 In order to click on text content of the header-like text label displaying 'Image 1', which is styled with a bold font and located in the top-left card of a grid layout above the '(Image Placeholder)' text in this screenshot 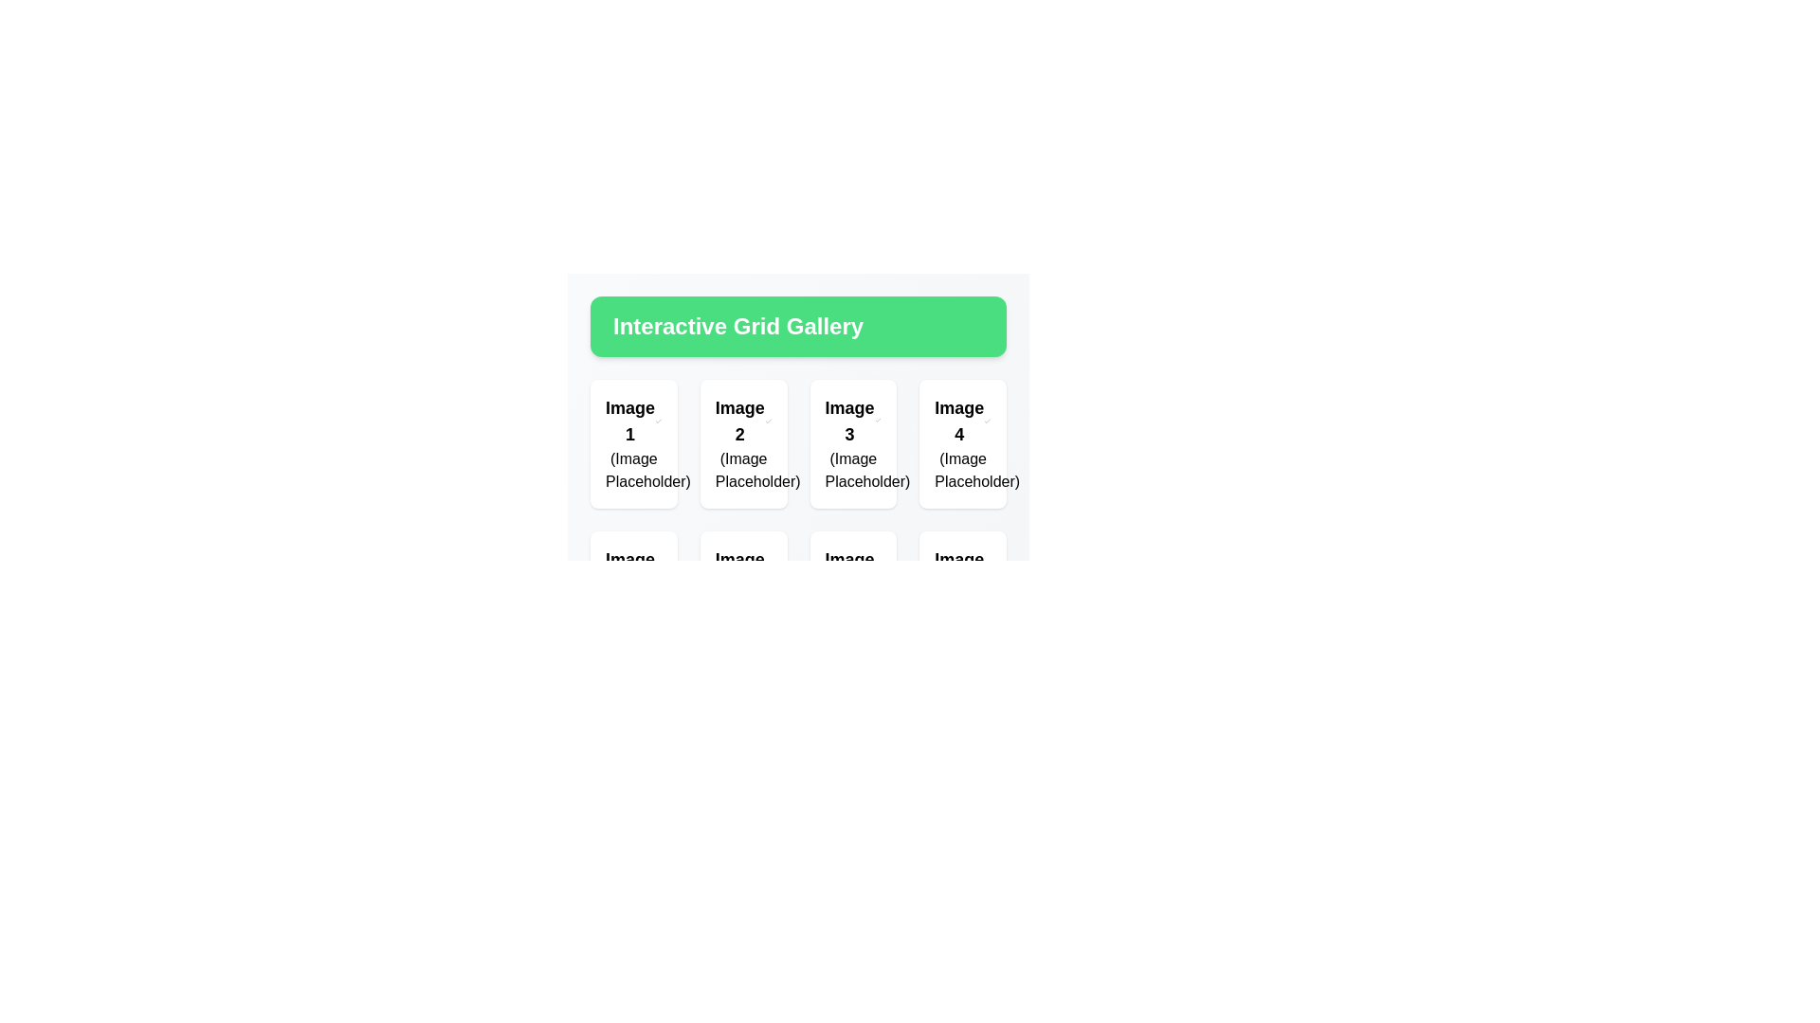, I will do `click(633, 420)`.